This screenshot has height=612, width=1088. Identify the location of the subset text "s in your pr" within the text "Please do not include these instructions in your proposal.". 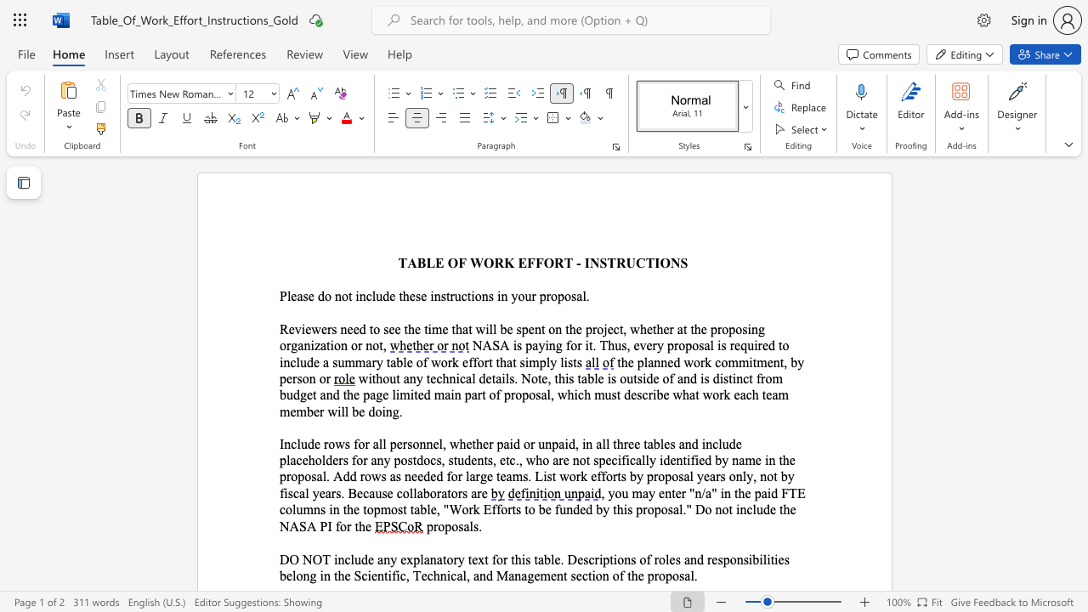
(487, 295).